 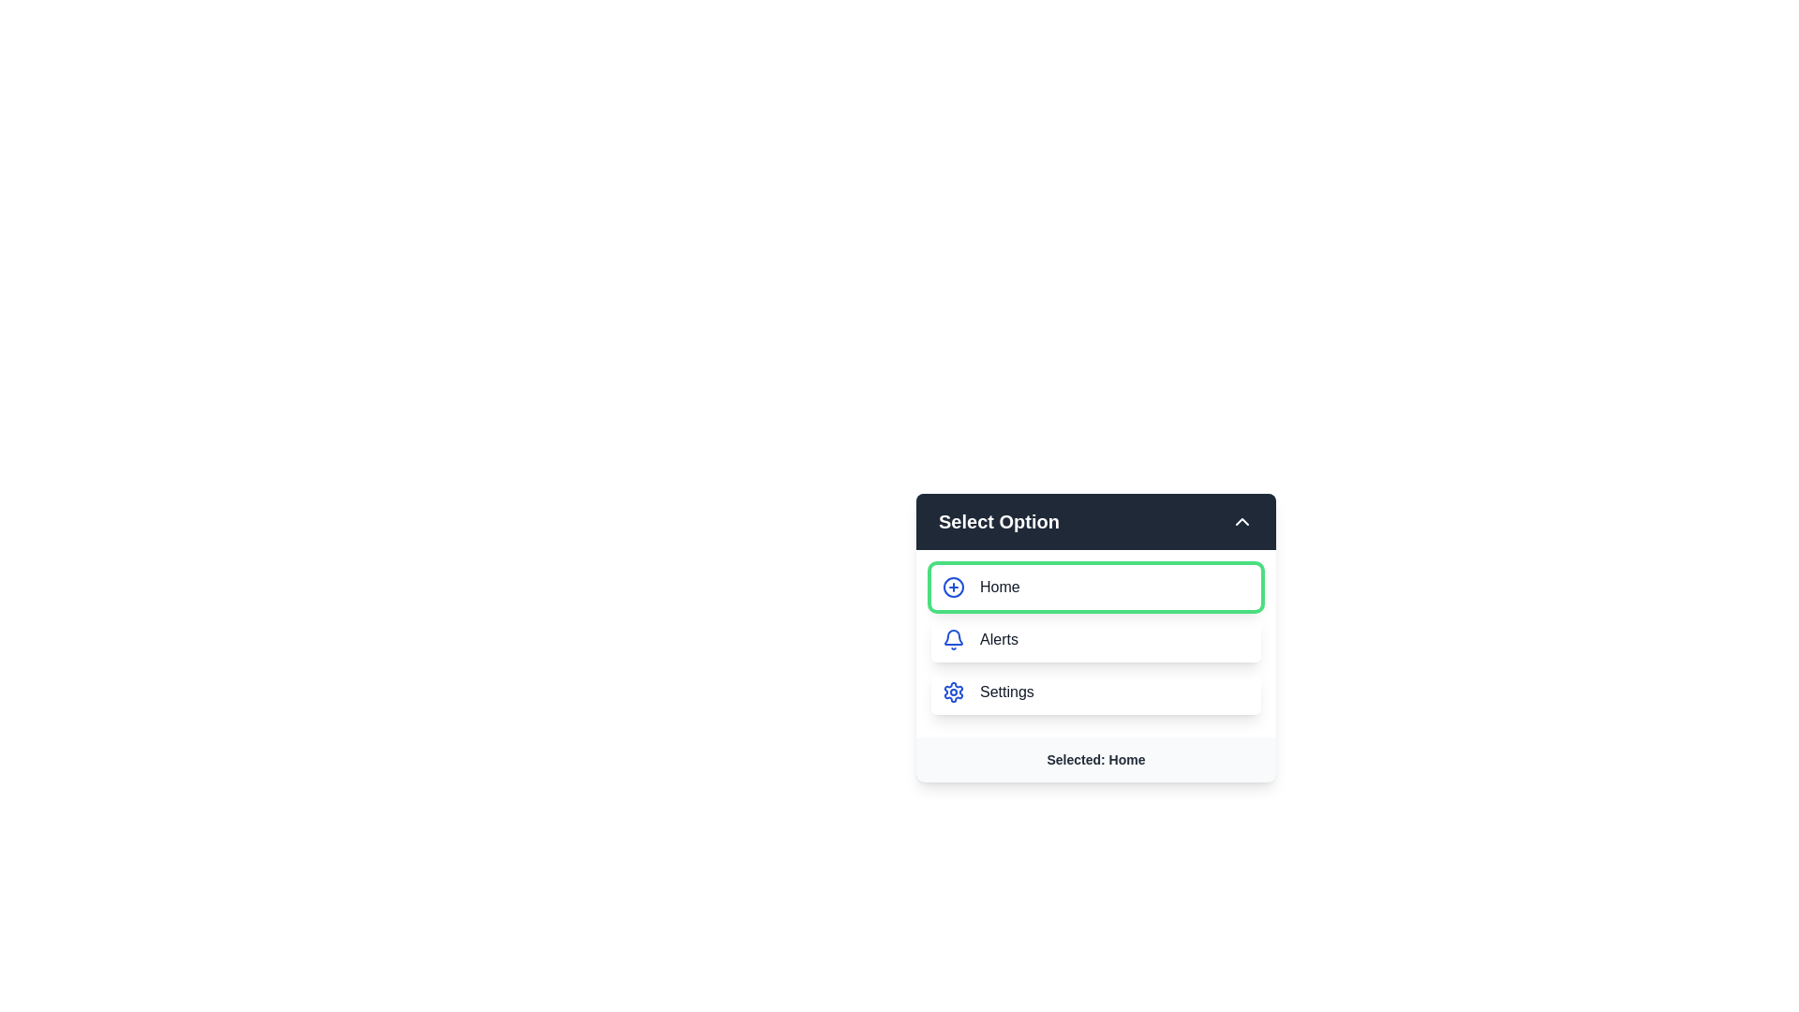 I want to click on the static label located at the bottom center of the interface, which indicates the currently selected option from the menu, so click(x=1096, y=759).